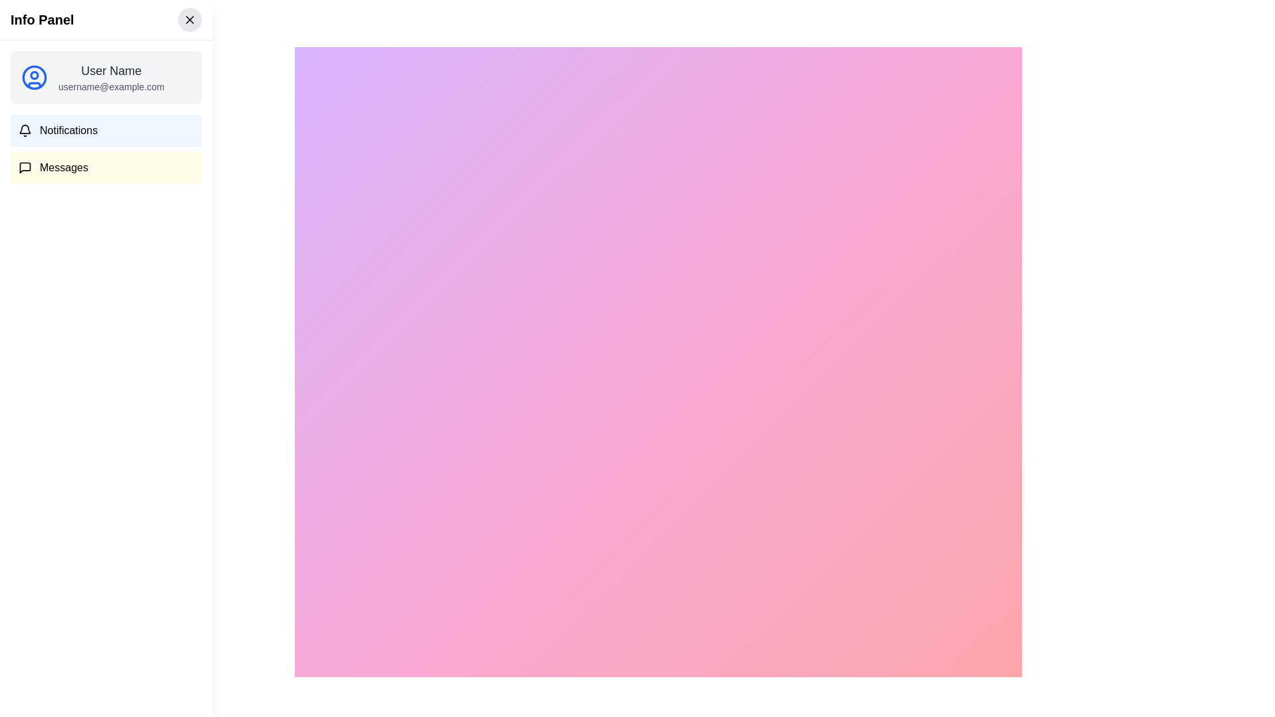  What do you see at coordinates (111, 87) in the screenshot?
I see `the non-interactive email address display located in the user profile card panel, directly below the 'User Name' label` at bounding box center [111, 87].